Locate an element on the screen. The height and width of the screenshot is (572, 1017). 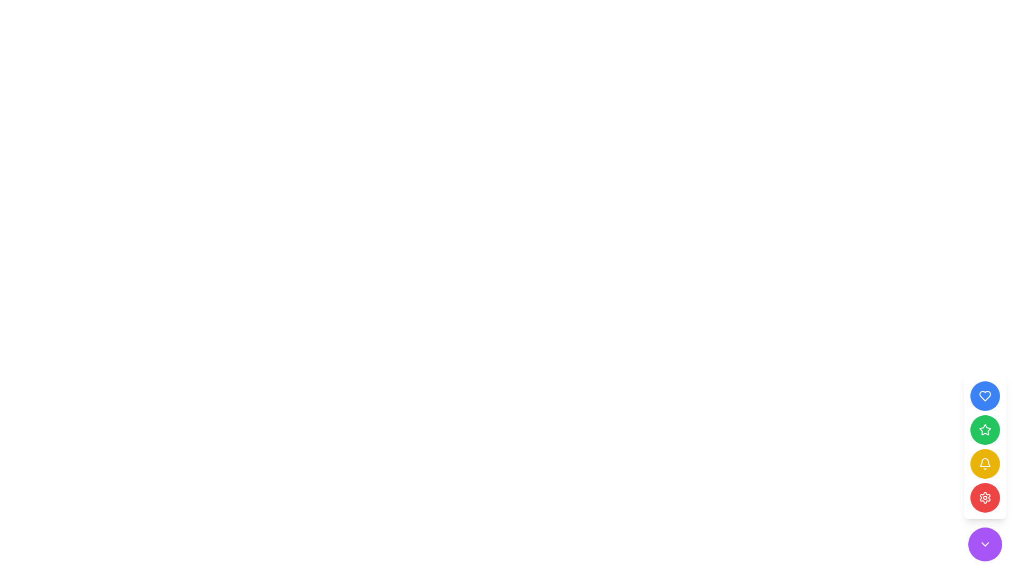
the circular yellow notification button with a bell icon located in the bottom-right corner of the interface is located at coordinates (985, 447).